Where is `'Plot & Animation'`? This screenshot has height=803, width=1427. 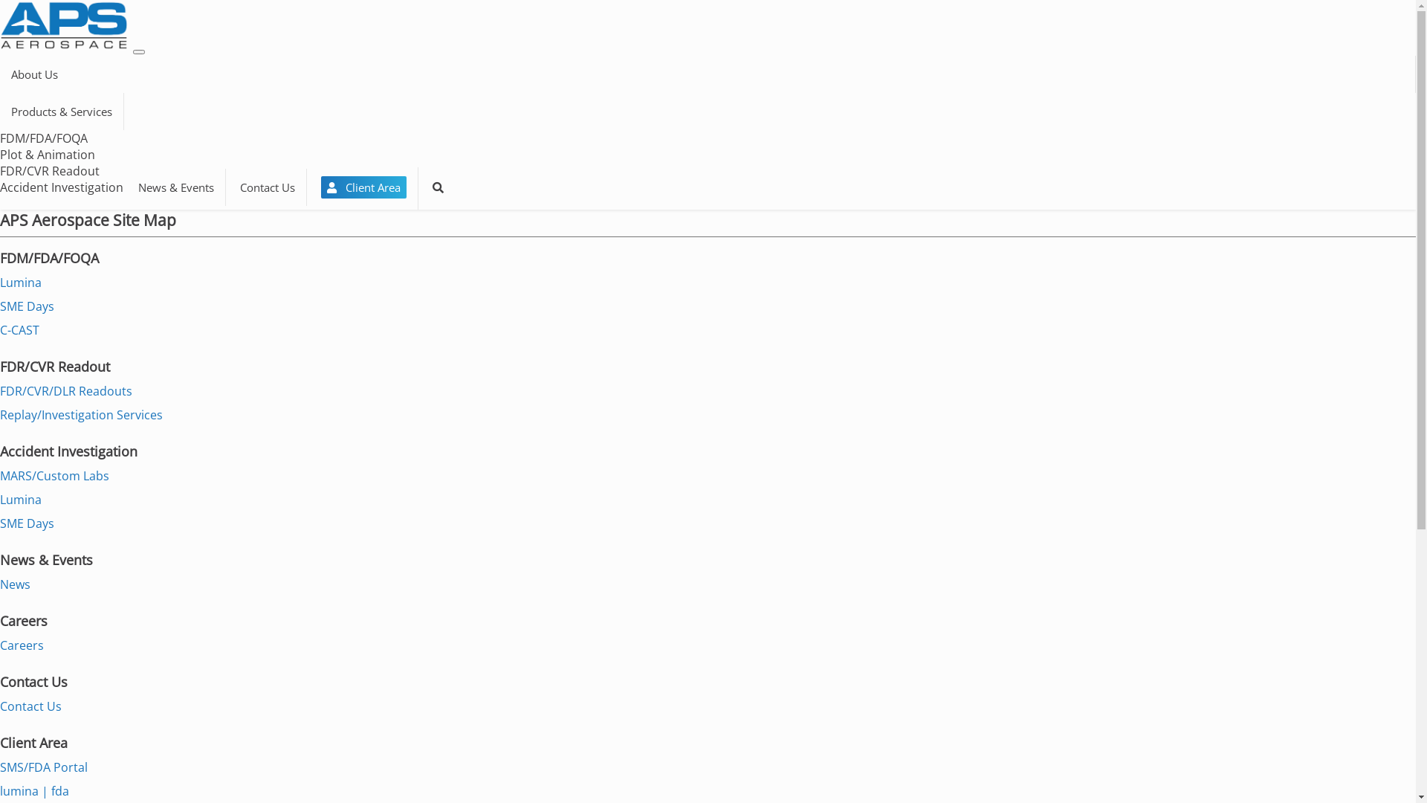
'Plot & Animation' is located at coordinates (47, 155).